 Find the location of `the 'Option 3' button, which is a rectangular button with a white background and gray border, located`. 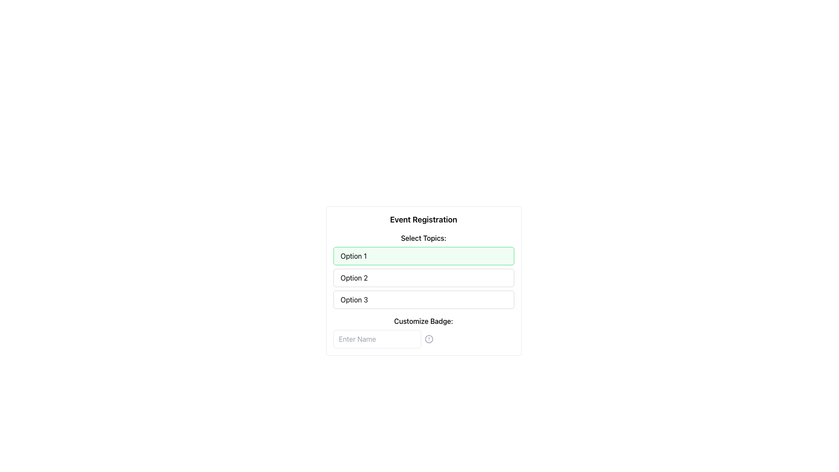

the 'Option 3' button, which is a rectangular button with a white background and gray border, located is located at coordinates (423, 299).